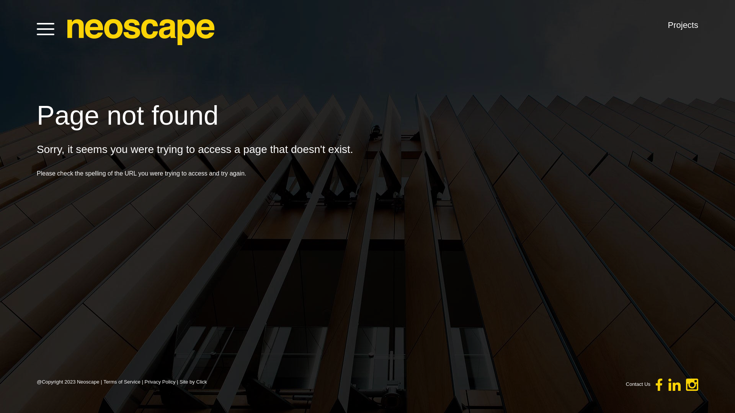 The height and width of the screenshot is (413, 735). What do you see at coordinates (160, 382) in the screenshot?
I see `'Privacy Policy'` at bounding box center [160, 382].